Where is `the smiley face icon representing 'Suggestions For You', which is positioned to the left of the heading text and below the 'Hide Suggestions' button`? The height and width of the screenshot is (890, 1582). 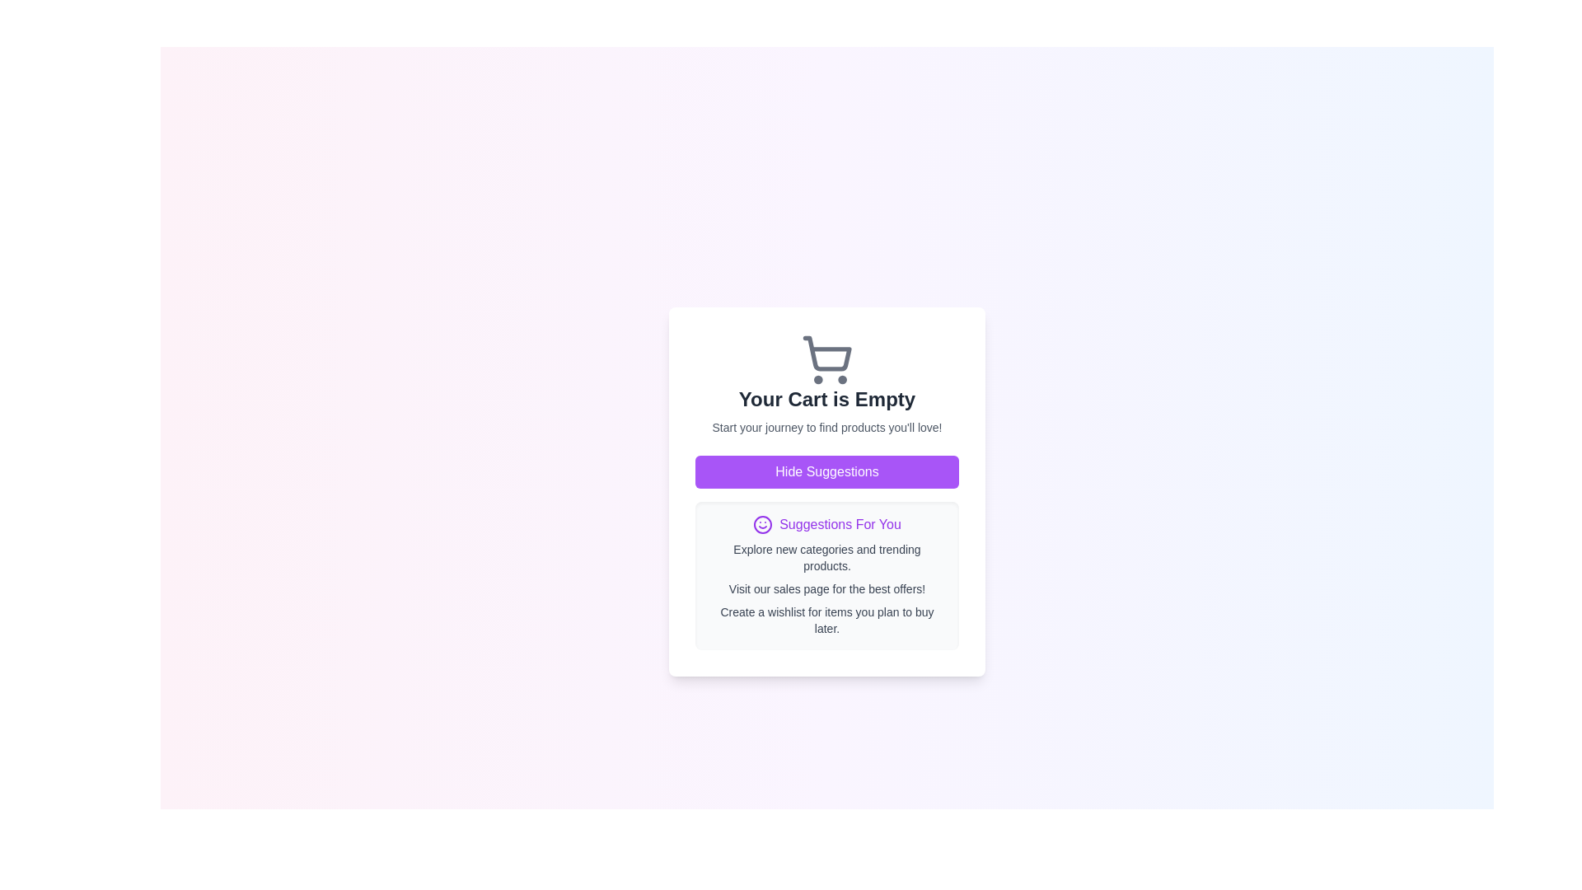 the smiley face icon representing 'Suggestions For You', which is positioned to the left of the heading text and below the 'Hide Suggestions' button is located at coordinates (762, 524).